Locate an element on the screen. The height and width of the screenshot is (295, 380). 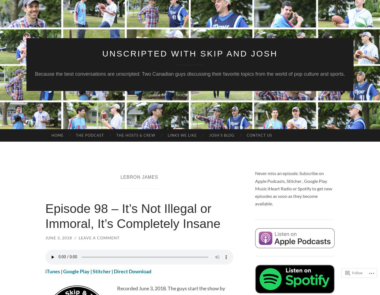
'/' is located at coordinates (75, 237).